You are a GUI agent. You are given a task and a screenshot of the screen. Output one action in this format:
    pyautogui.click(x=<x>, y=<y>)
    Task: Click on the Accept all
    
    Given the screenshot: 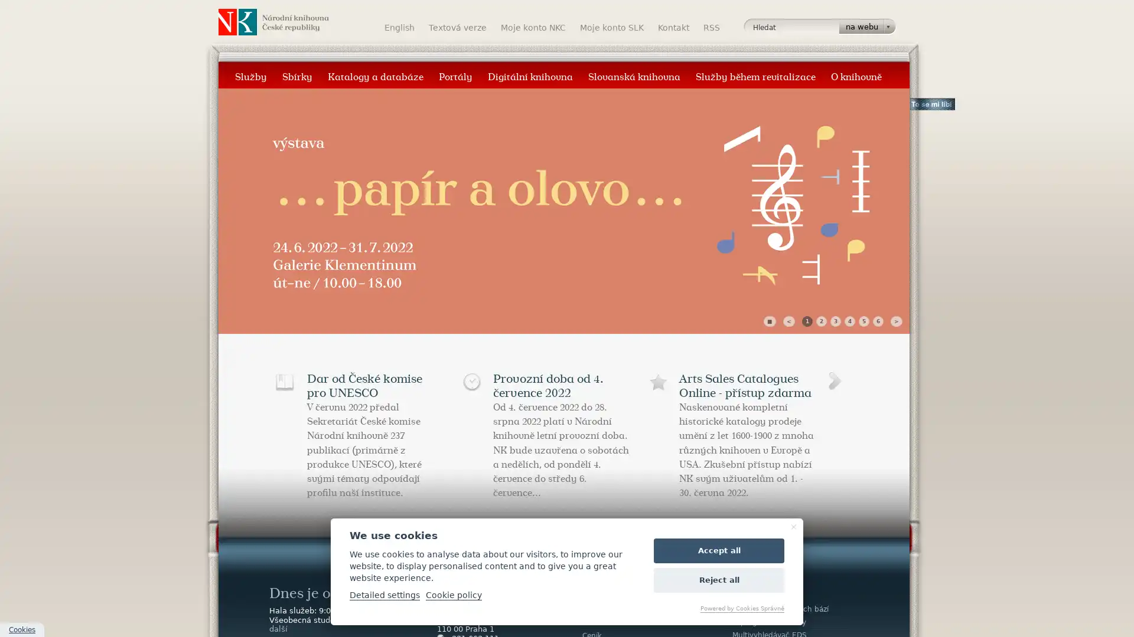 What is the action you would take?
    pyautogui.click(x=718, y=550)
    